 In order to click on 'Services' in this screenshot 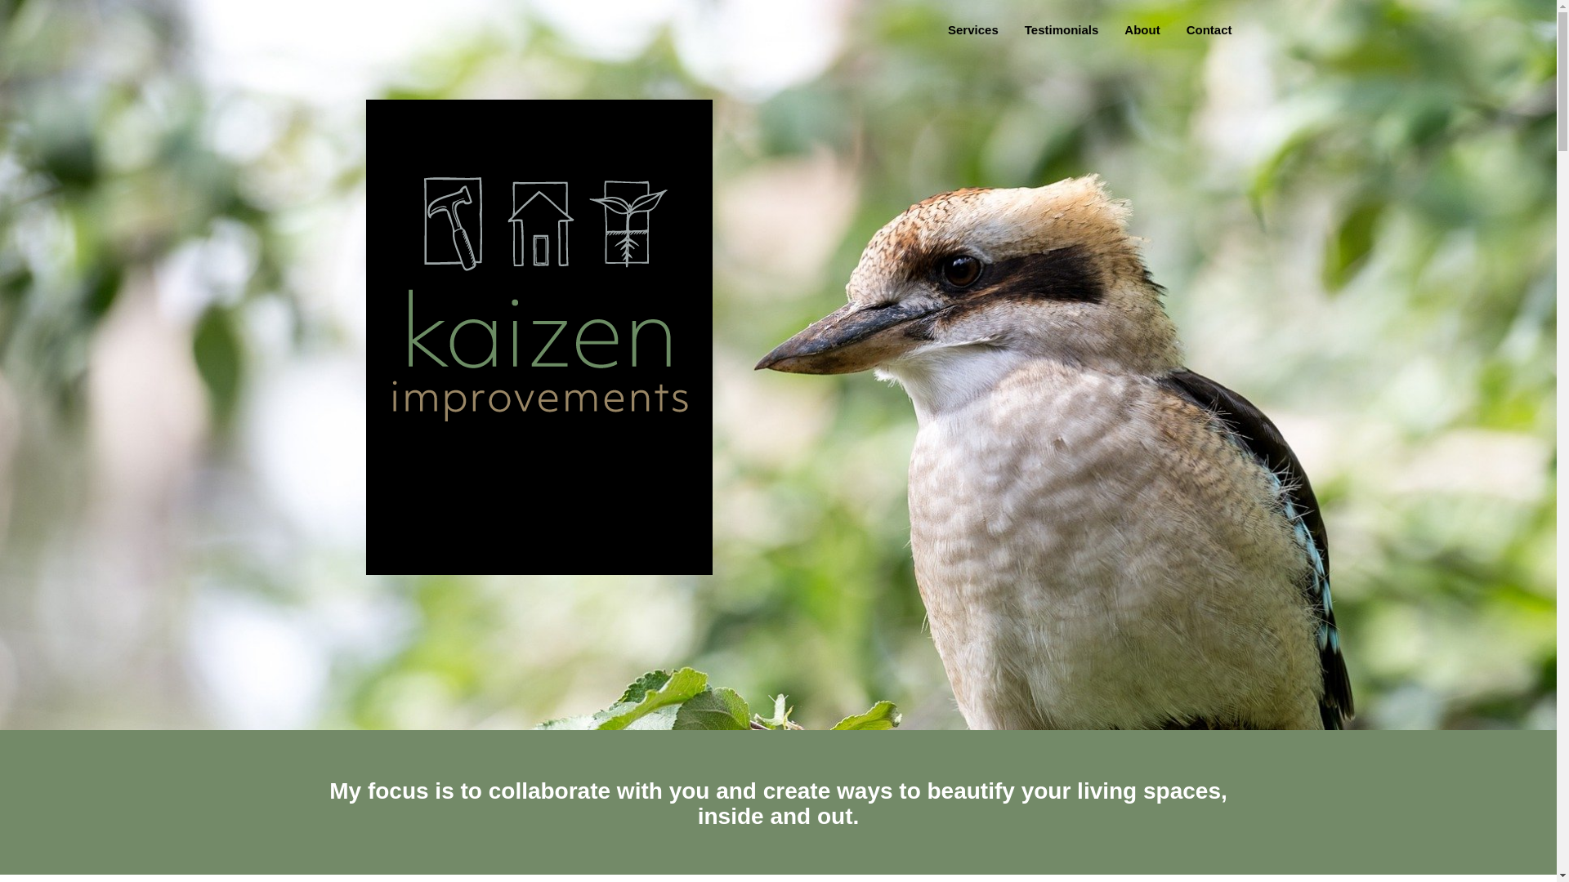, I will do `click(948, 30)`.